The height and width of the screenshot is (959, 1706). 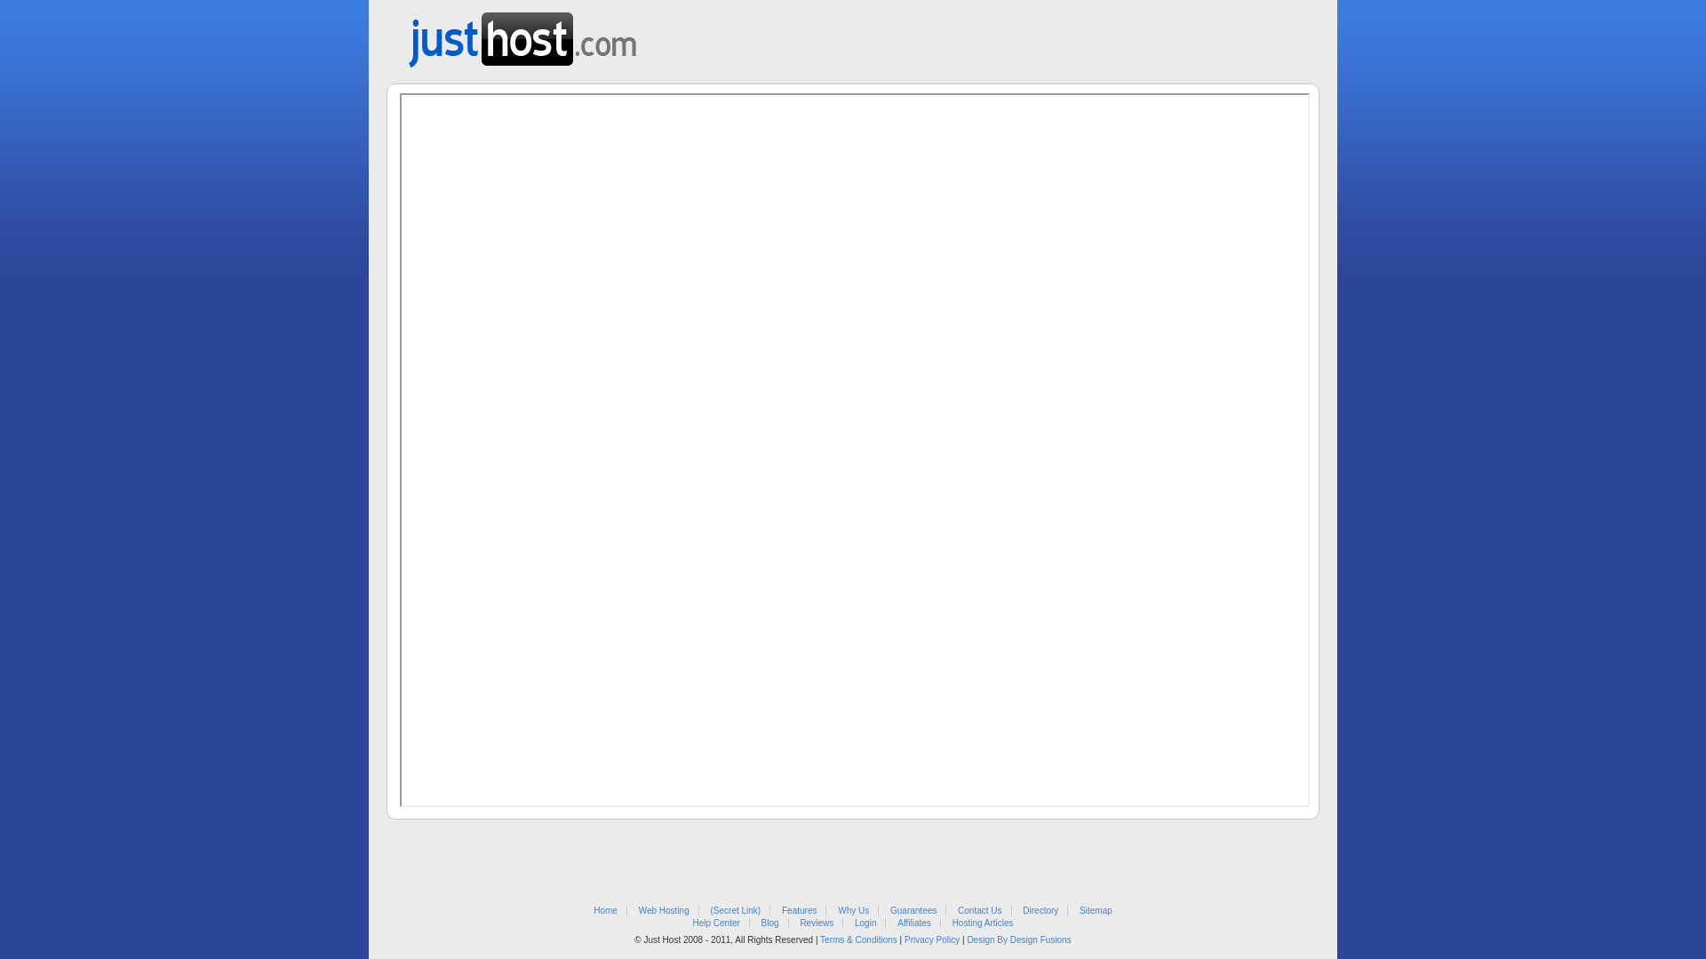 What do you see at coordinates (781, 910) in the screenshot?
I see `'Features'` at bounding box center [781, 910].